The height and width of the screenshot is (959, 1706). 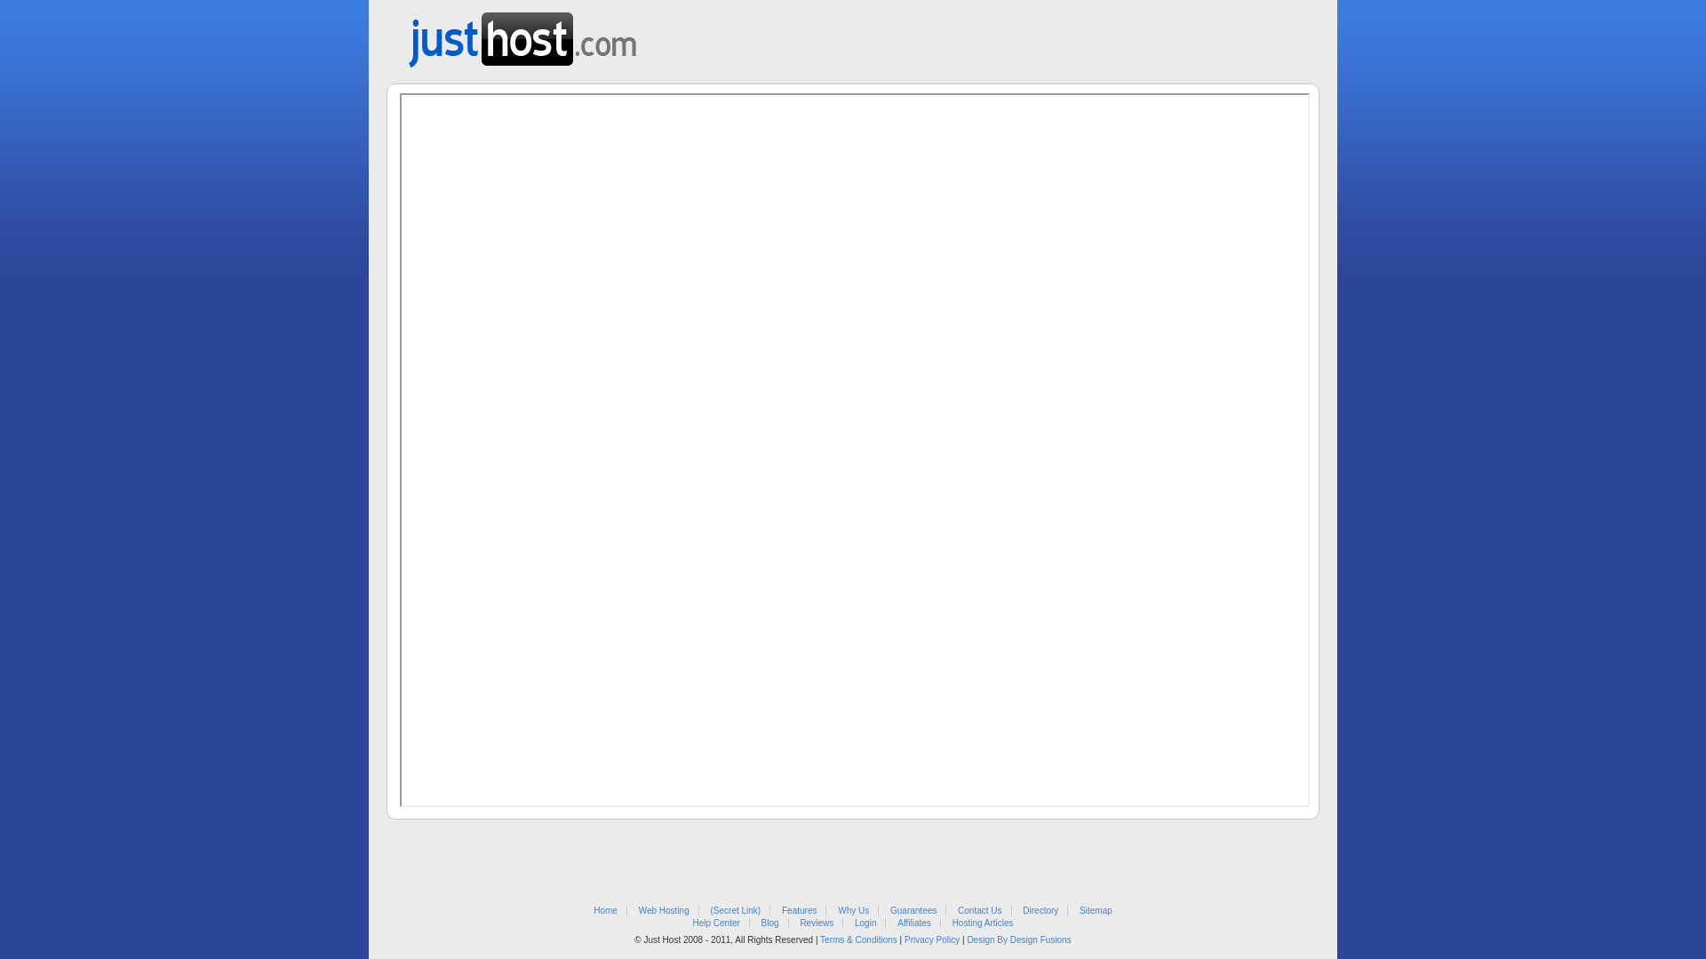 What do you see at coordinates (781, 910) in the screenshot?
I see `'Features'` at bounding box center [781, 910].